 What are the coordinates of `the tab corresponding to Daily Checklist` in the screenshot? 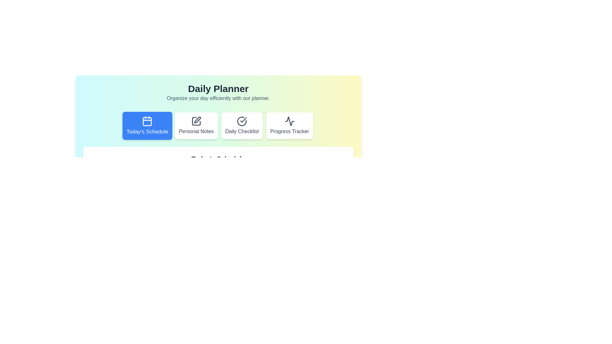 It's located at (242, 125).